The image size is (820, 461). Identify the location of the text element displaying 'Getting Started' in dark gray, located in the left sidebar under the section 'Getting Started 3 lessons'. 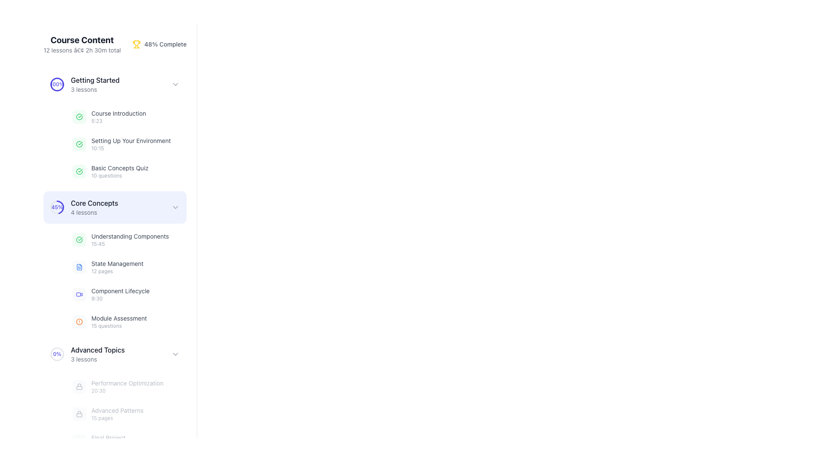
(95, 80).